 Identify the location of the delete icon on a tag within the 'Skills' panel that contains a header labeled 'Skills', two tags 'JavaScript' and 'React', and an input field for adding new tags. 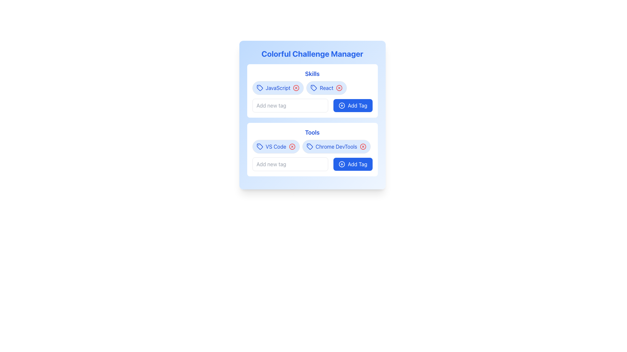
(312, 91).